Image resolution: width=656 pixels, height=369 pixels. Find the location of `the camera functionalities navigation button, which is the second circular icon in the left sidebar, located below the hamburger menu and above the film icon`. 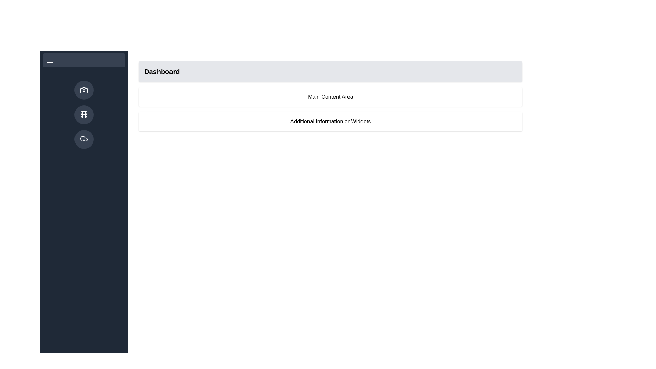

the camera functionalities navigation button, which is the second circular icon in the left sidebar, located below the hamburger menu and above the film icon is located at coordinates (83, 90).